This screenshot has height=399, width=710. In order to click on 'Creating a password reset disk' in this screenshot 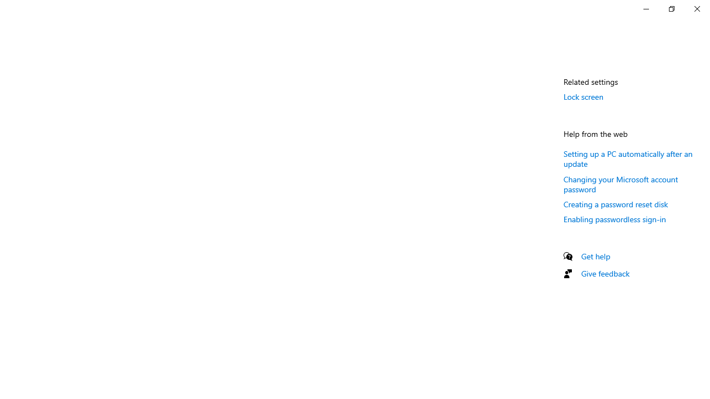, I will do `click(615, 204)`.